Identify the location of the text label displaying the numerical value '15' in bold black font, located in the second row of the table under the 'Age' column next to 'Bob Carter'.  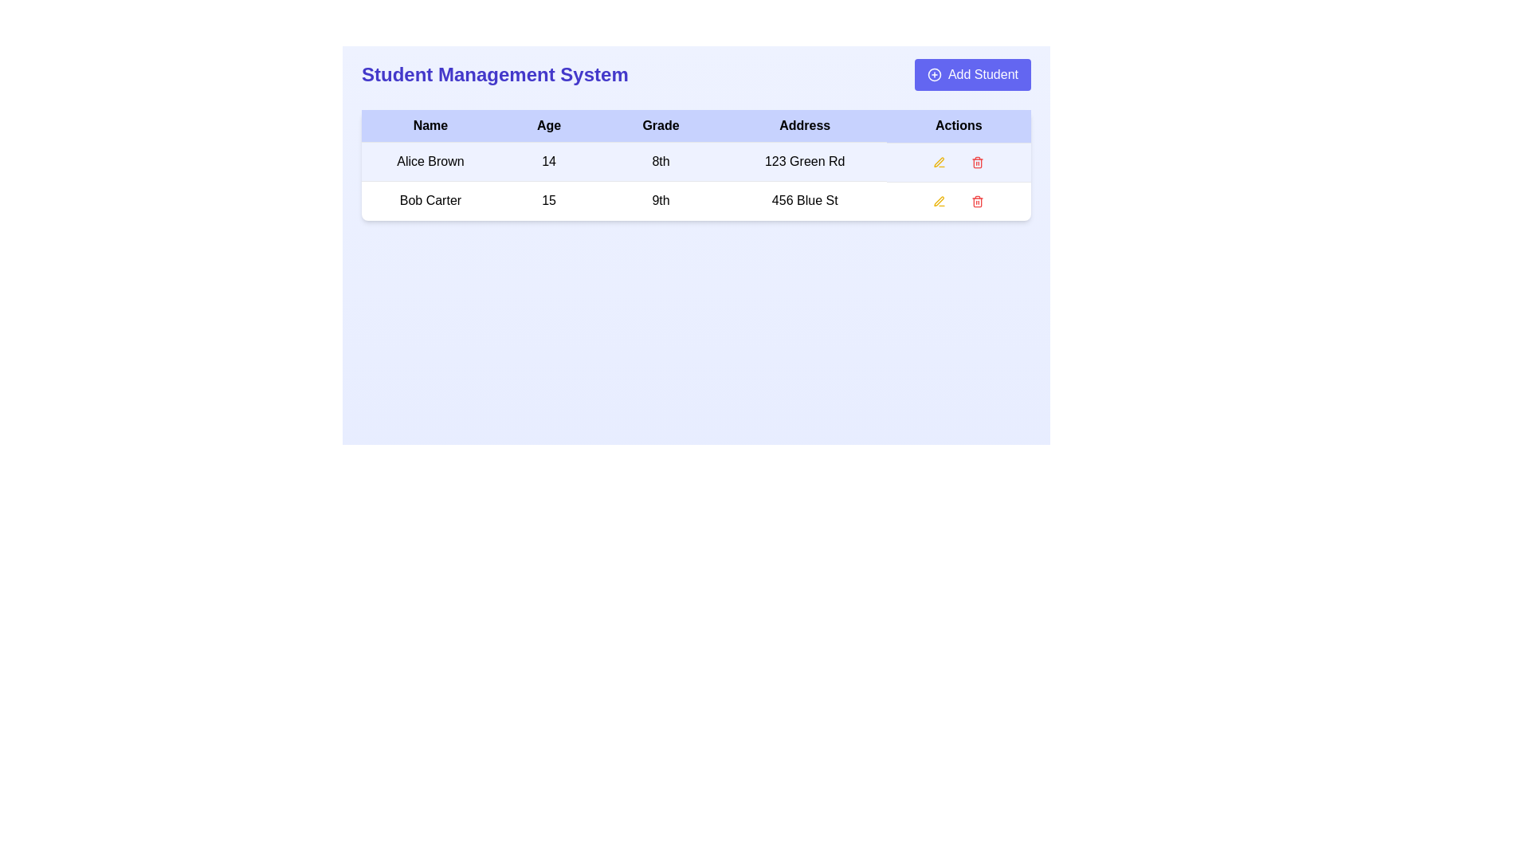
(549, 199).